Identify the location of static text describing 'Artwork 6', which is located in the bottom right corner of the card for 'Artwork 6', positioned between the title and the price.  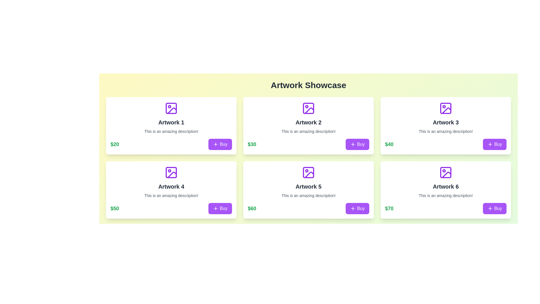
(445, 195).